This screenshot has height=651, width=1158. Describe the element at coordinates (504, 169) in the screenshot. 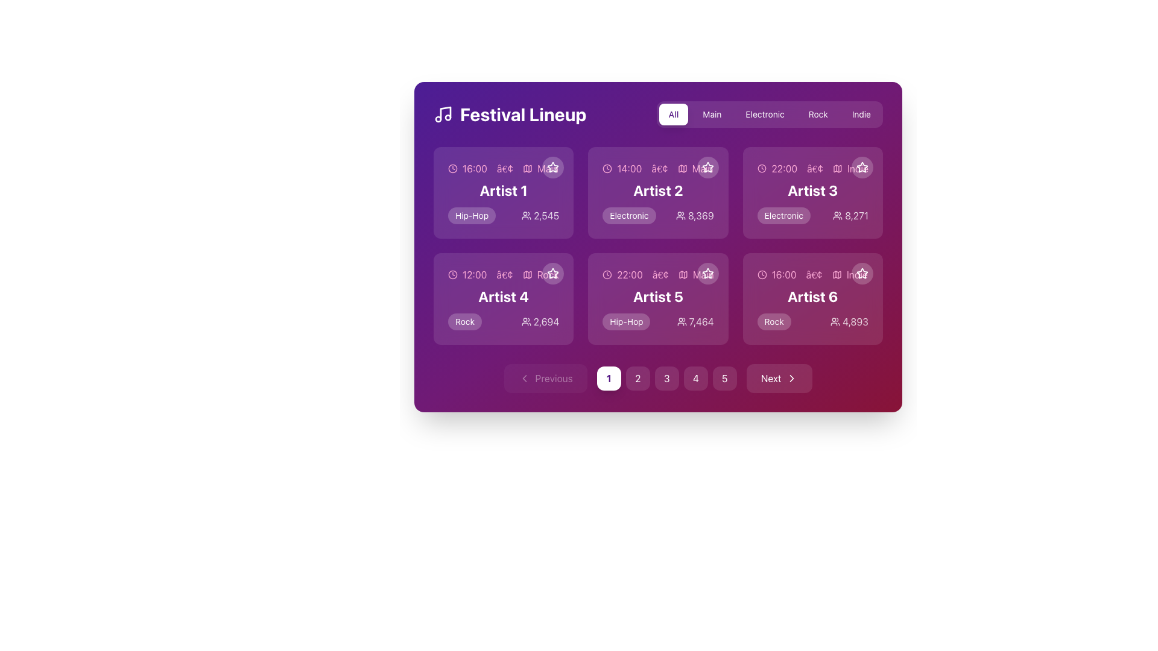

I see `text displayed in the Label with icon and text, which is the first line within the card for 'Artist 1', located in the top-left corner of the grid display` at that location.